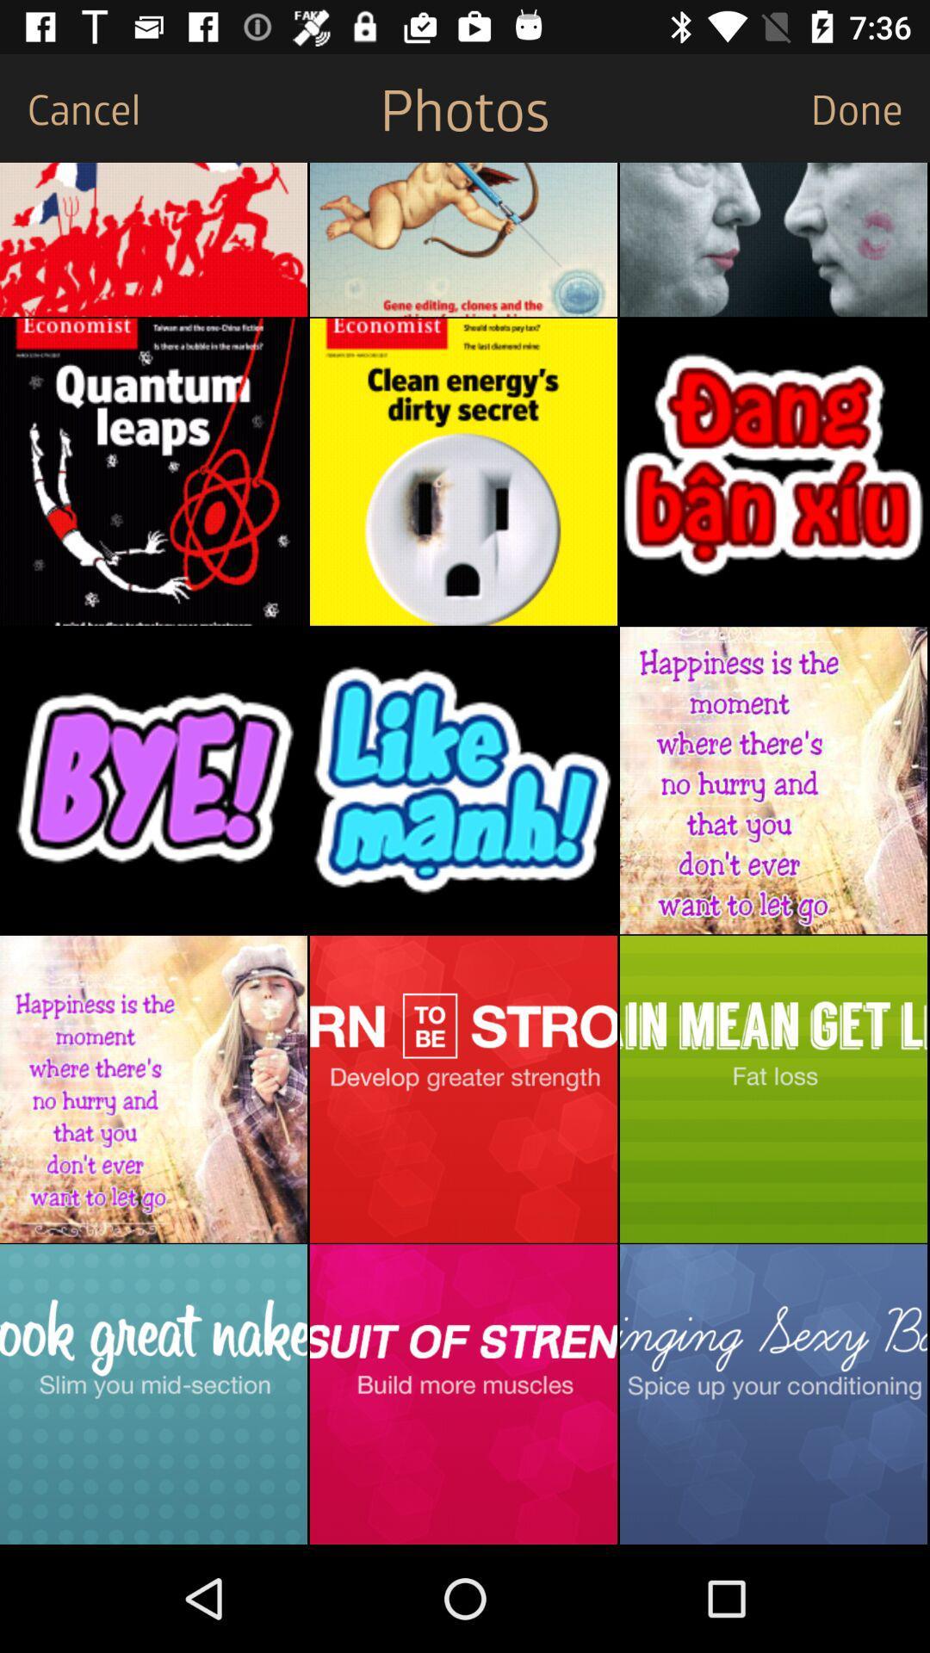  Describe the element at coordinates (772, 1394) in the screenshot. I see `the item at the bottom right corner` at that location.